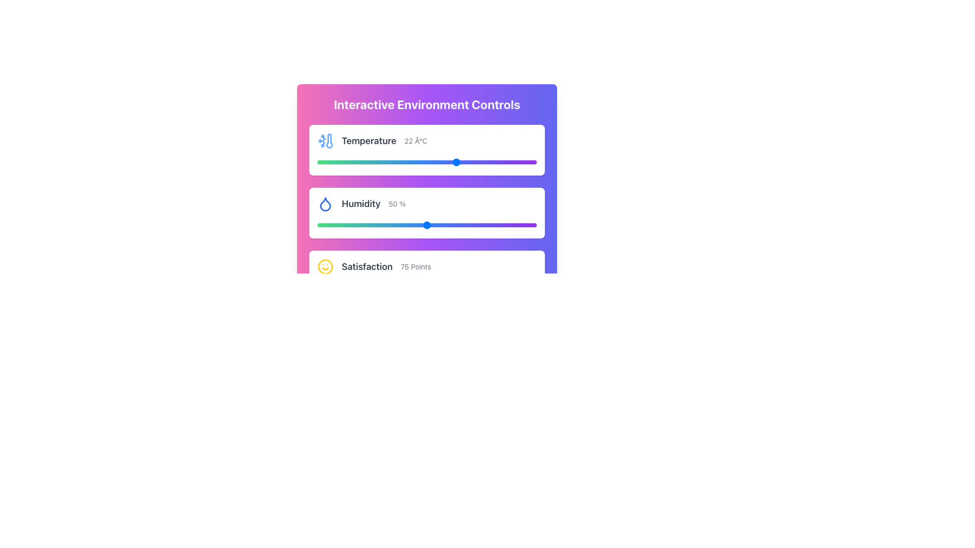 Image resolution: width=975 pixels, height=548 pixels. What do you see at coordinates (427, 141) in the screenshot?
I see `the displayed temperature data in the Informational Display Section, which includes a thermometer icon and shows '22 °C'` at bounding box center [427, 141].